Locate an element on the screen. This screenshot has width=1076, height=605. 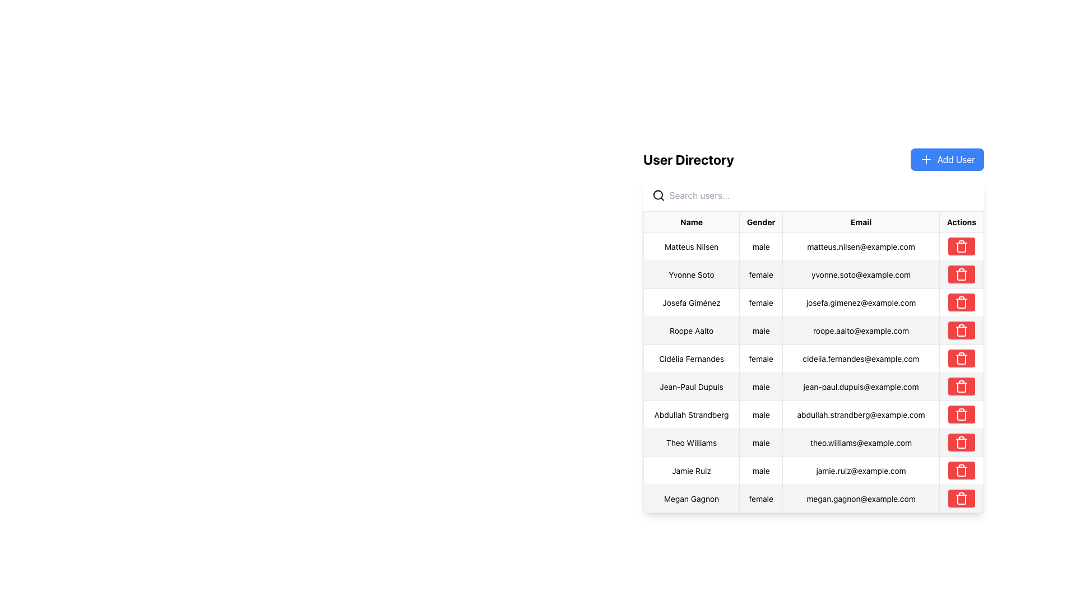
the red button with a trash can icon located in the far-right column of the data table, associated with the entry for 'Megan Gagnon', to initiate a delete action is located at coordinates (961, 498).